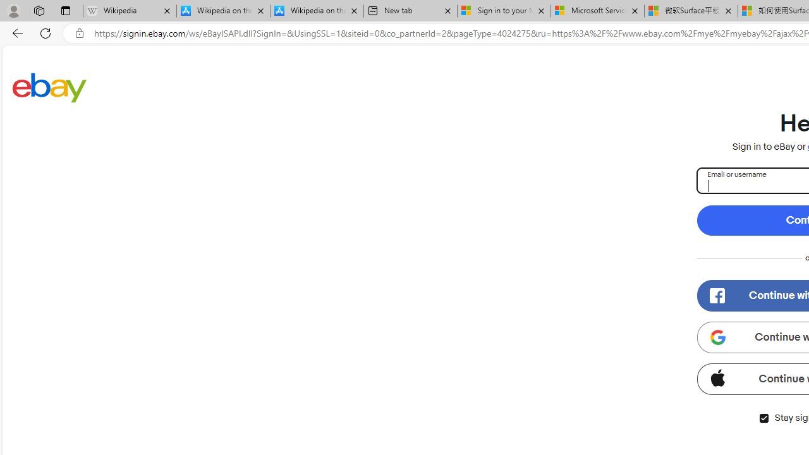  Describe the element at coordinates (717, 377) in the screenshot. I see `'Class: apple-icon'` at that location.